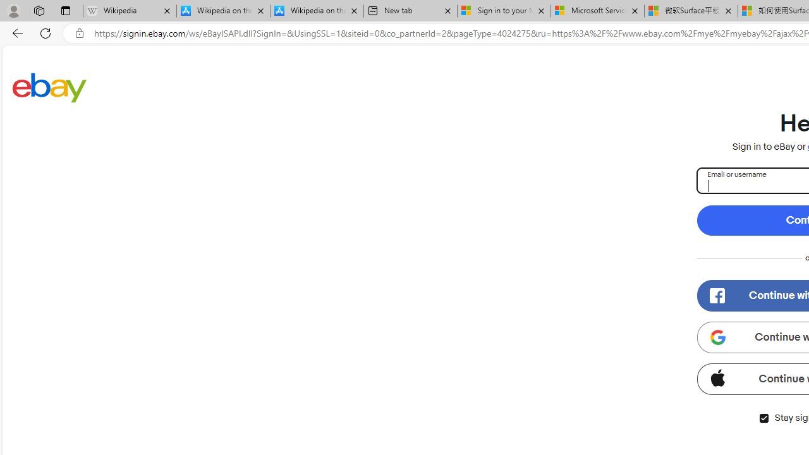  Describe the element at coordinates (717, 377) in the screenshot. I see `'Class: apple-icon'` at that location.